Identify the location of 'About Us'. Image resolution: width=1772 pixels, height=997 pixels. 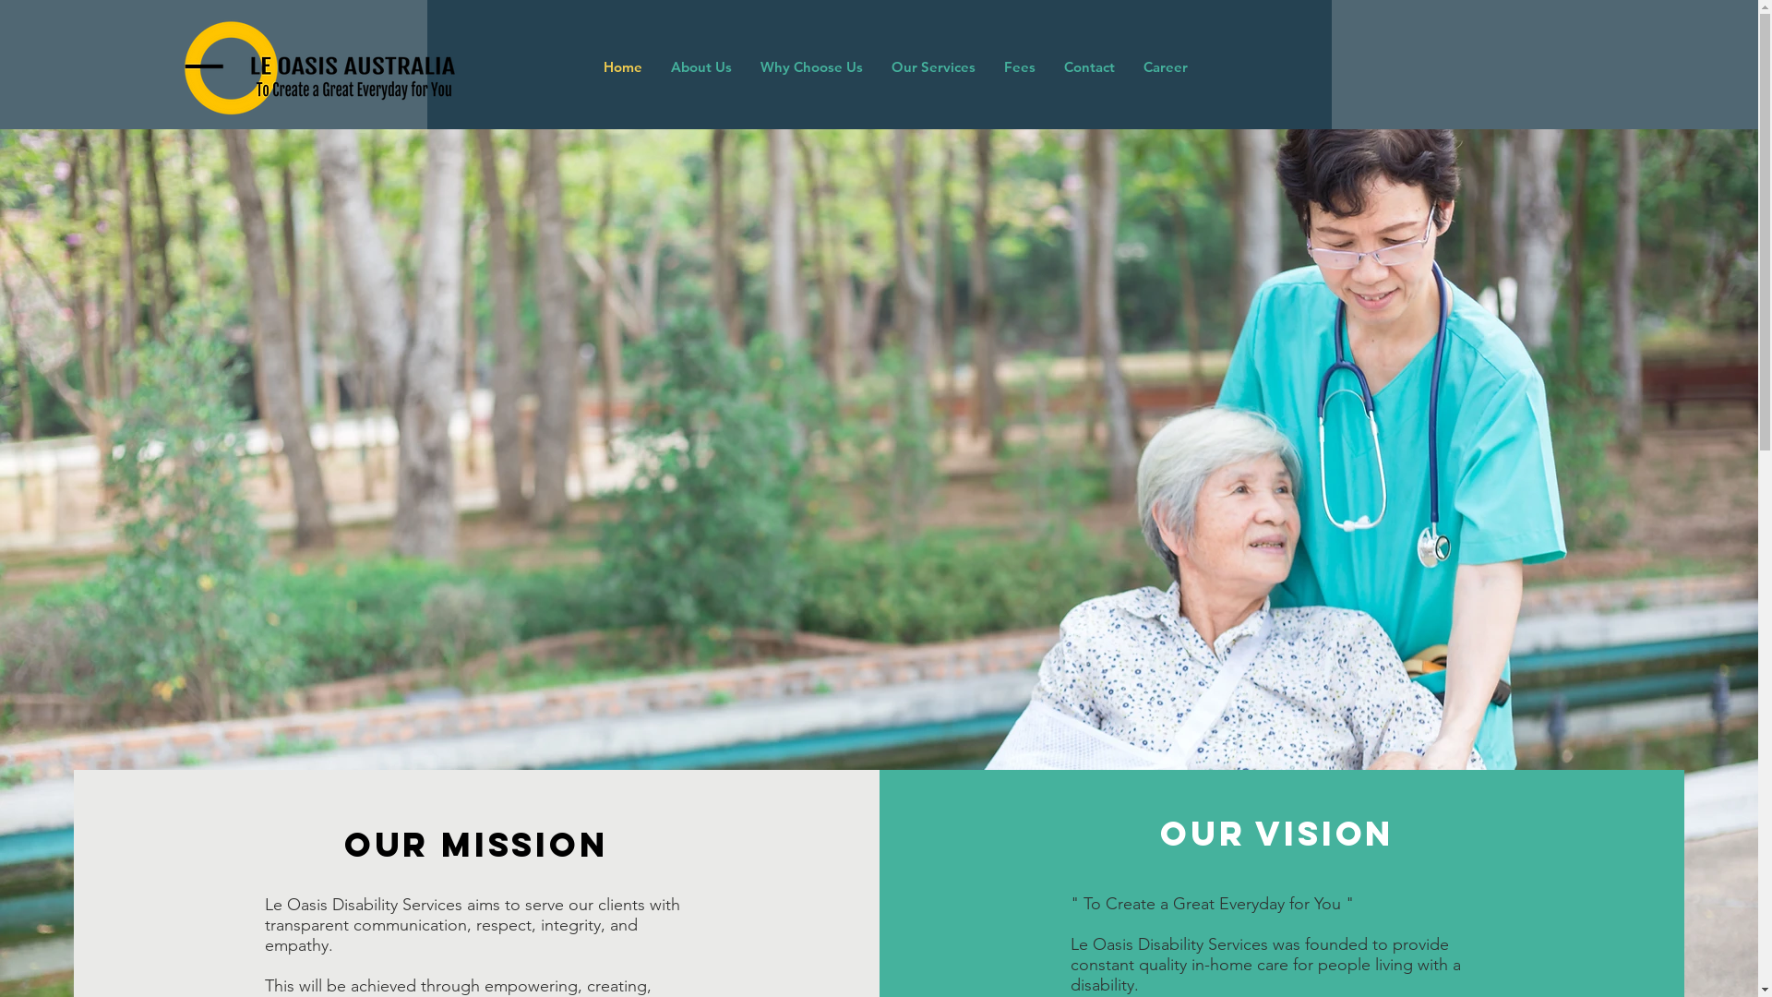
(699, 66).